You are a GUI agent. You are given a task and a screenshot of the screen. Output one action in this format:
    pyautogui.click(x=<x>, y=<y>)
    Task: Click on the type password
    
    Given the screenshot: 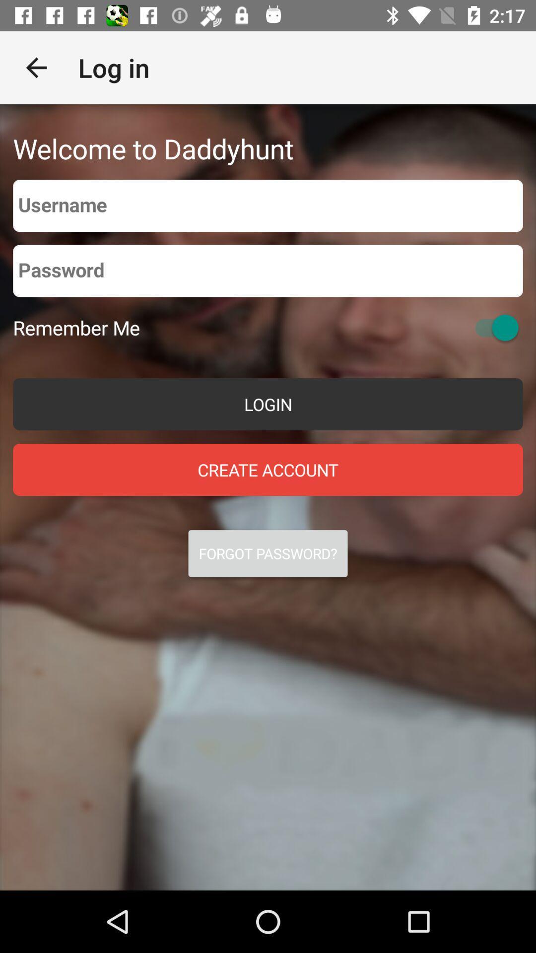 What is the action you would take?
    pyautogui.click(x=268, y=271)
    